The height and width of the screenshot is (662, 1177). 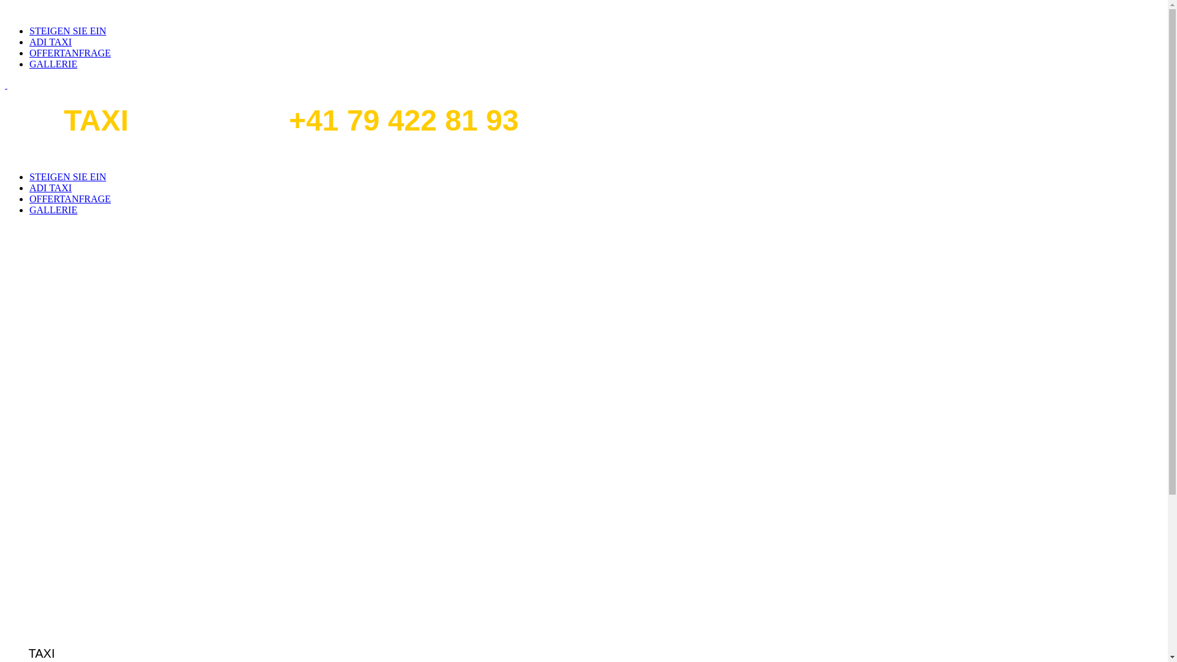 What do you see at coordinates (29, 64) in the screenshot?
I see `'GALLERIE'` at bounding box center [29, 64].